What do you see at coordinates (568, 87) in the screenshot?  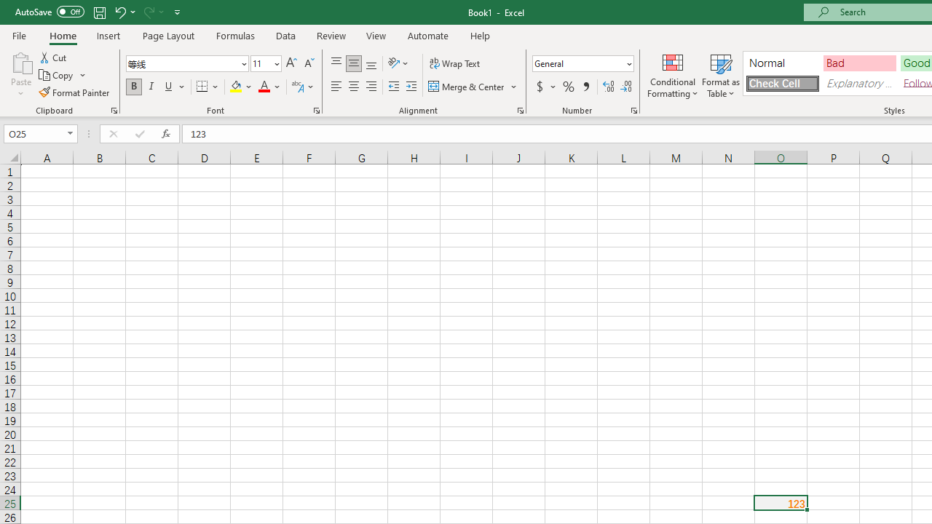 I see `'Percent Style'` at bounding box center [568, 87].